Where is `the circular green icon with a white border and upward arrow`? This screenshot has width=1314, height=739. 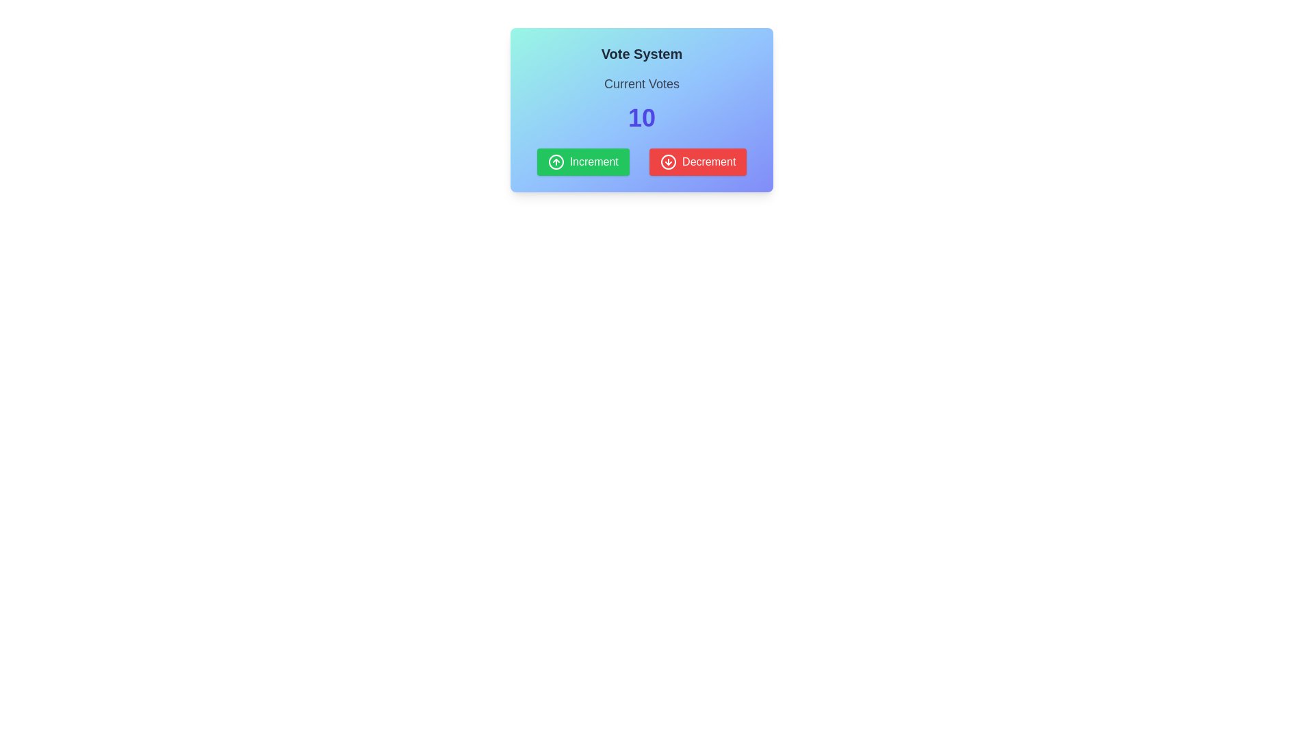 the circular green icon with a white border and upward arrow is located at coordinates (556, 161).